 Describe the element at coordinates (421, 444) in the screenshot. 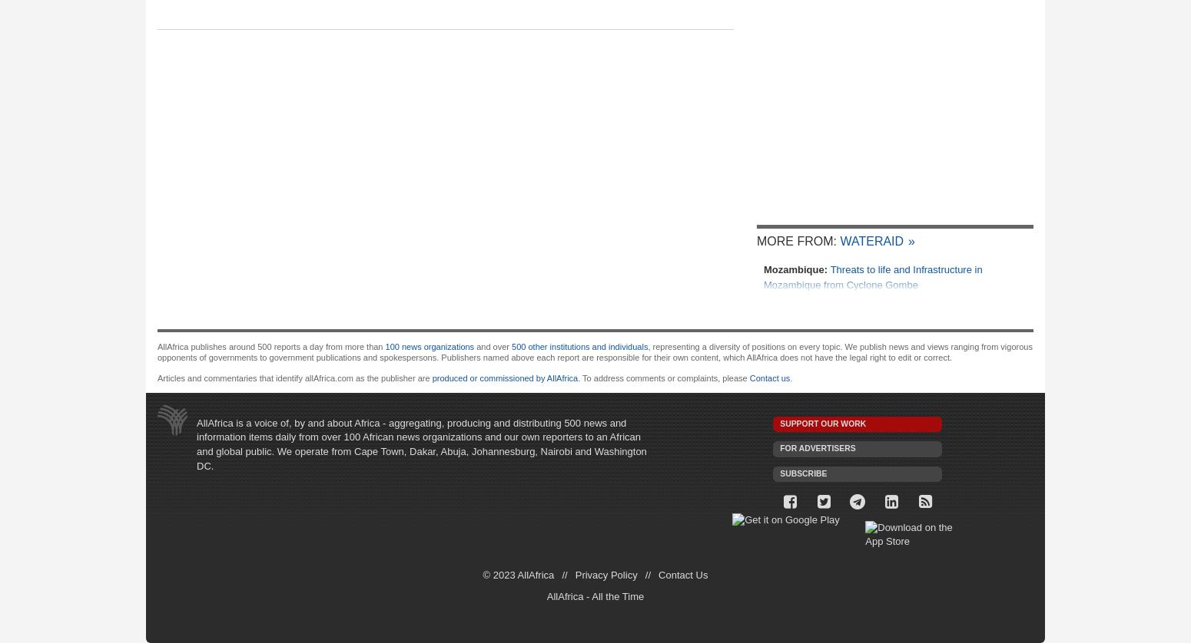

I see `'AllAfrica is a voice of, by and about Africa - aggregating, producing and distributing 500 news and information items daily from over 100 African news organizations and our own reporters to an African and global public. We operate from Cape Town, Dakar, Abuja, Johannesburg, Nairobi and Washington DC.'` at that location.